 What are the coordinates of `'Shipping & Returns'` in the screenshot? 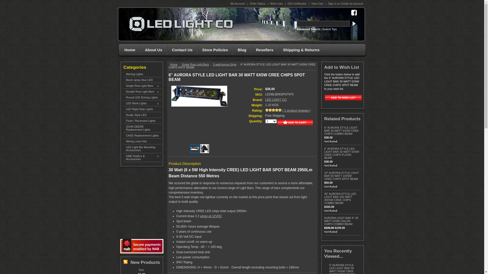 It's located at (278, 50).